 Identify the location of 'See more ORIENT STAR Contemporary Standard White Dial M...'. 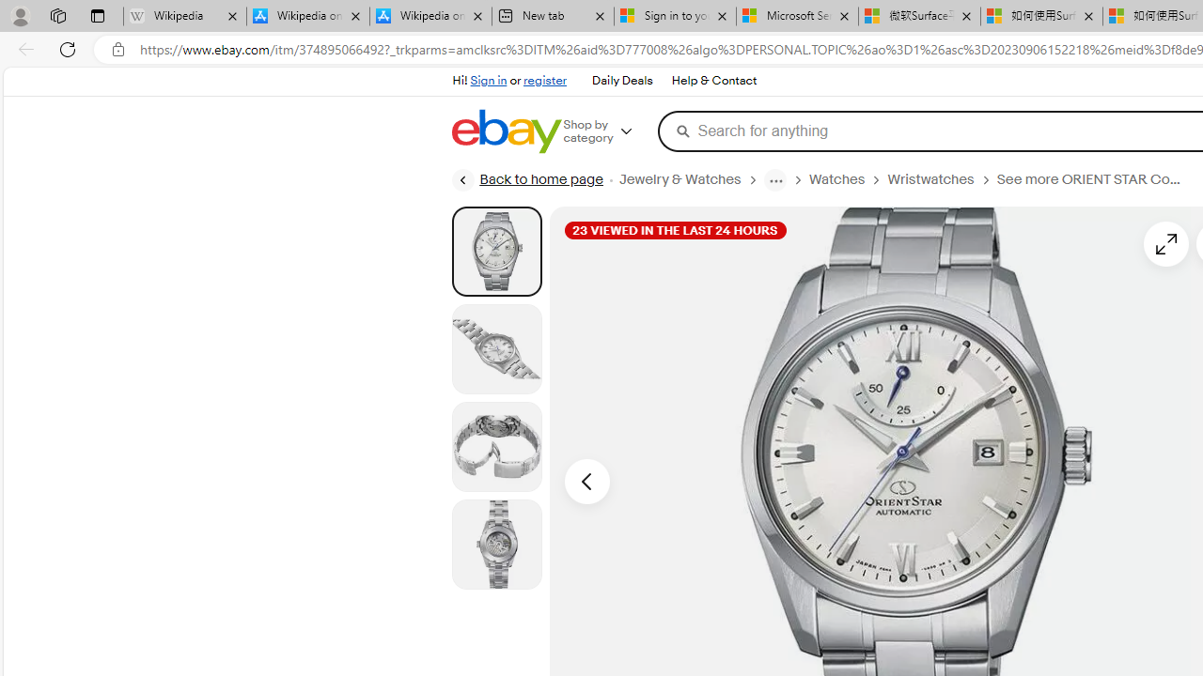
(1098, 179).